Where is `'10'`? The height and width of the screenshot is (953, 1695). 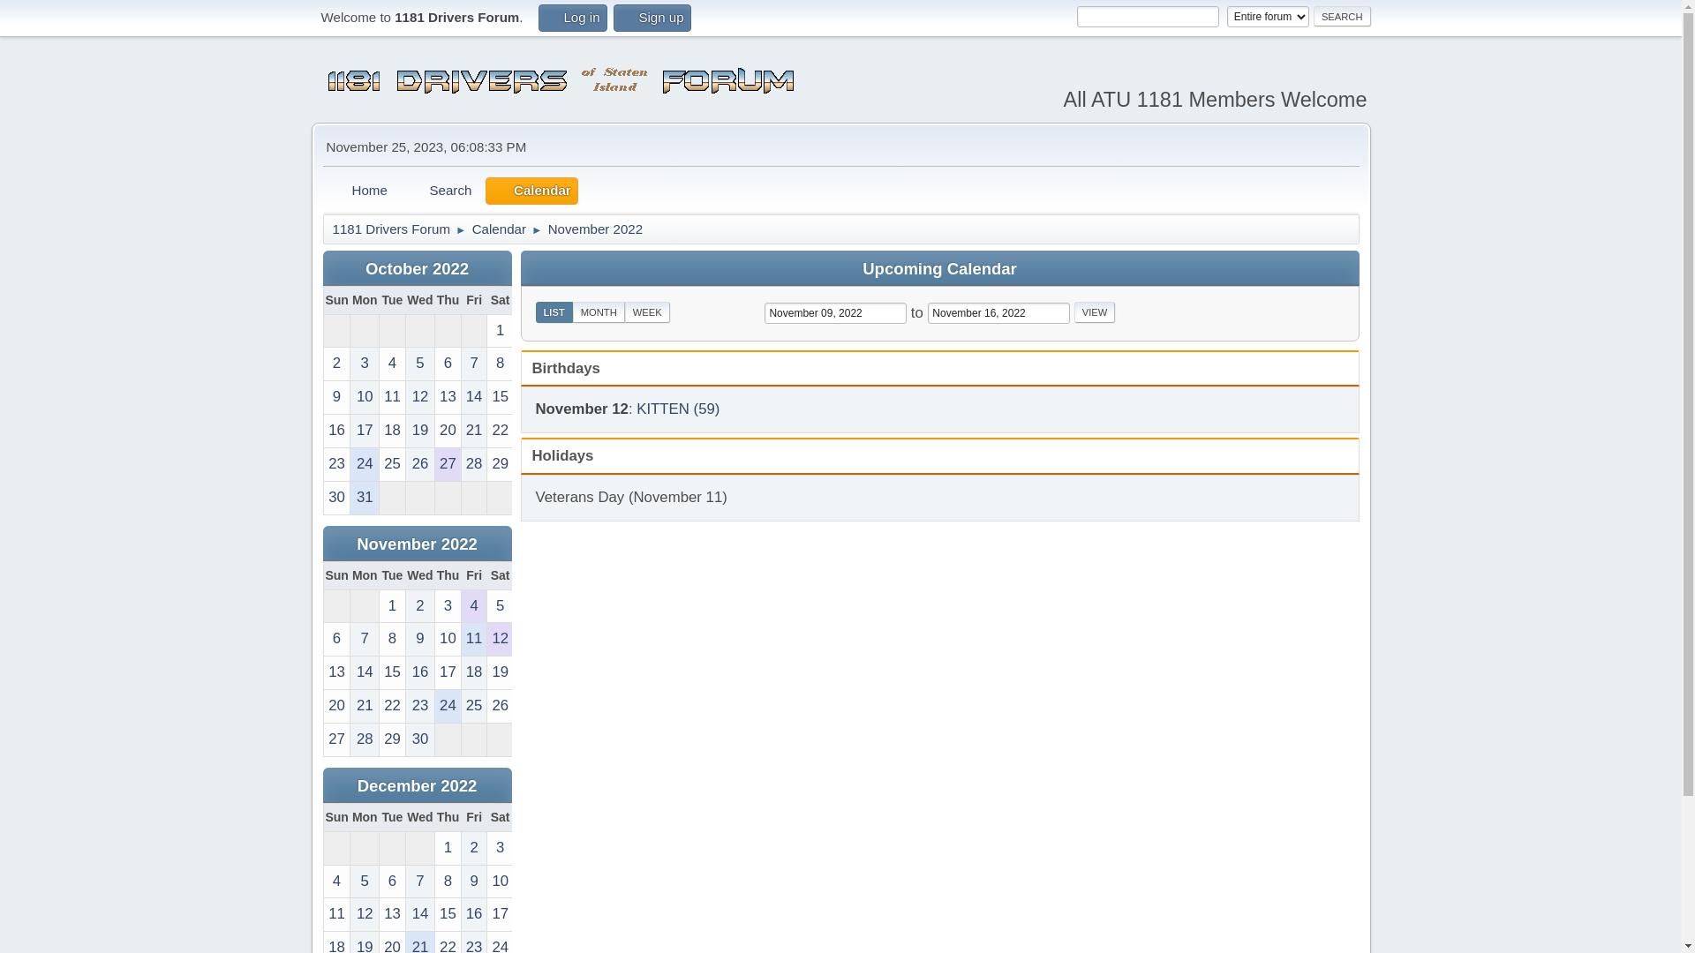
'10' is located at coordinates (363, 397).